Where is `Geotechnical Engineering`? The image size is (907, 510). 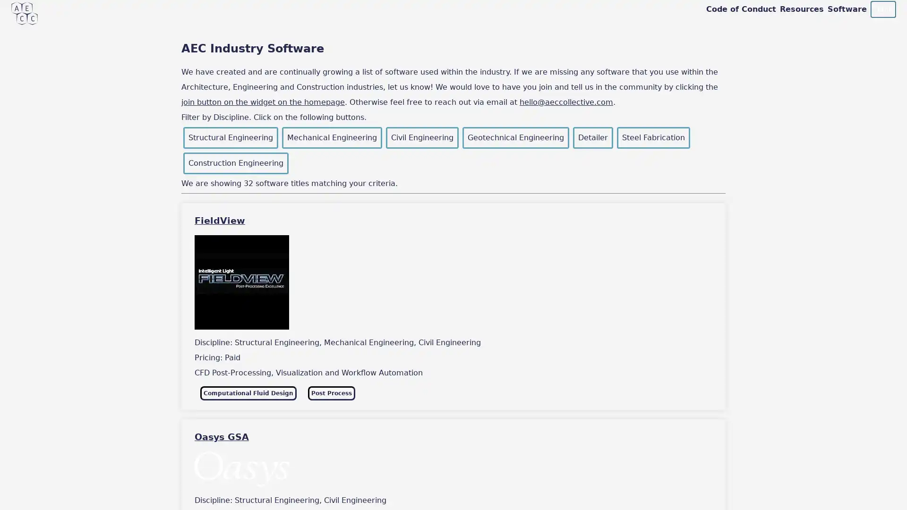 Geotechnical Engineering is located at coordinates (515, 138).